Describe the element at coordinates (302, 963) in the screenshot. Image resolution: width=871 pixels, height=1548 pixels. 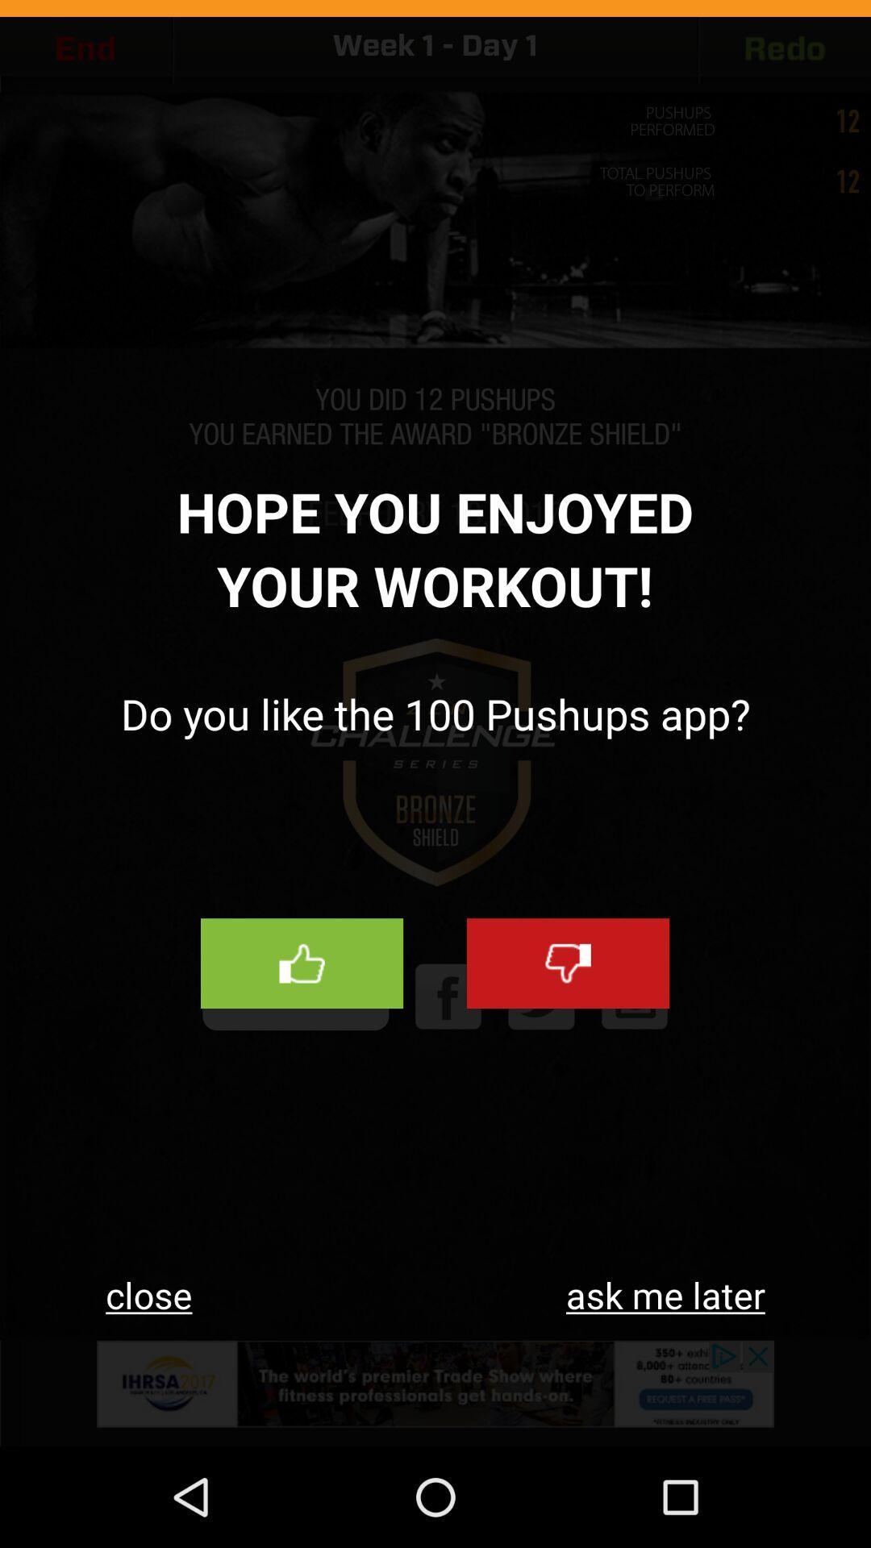
I see `like us` at that location.